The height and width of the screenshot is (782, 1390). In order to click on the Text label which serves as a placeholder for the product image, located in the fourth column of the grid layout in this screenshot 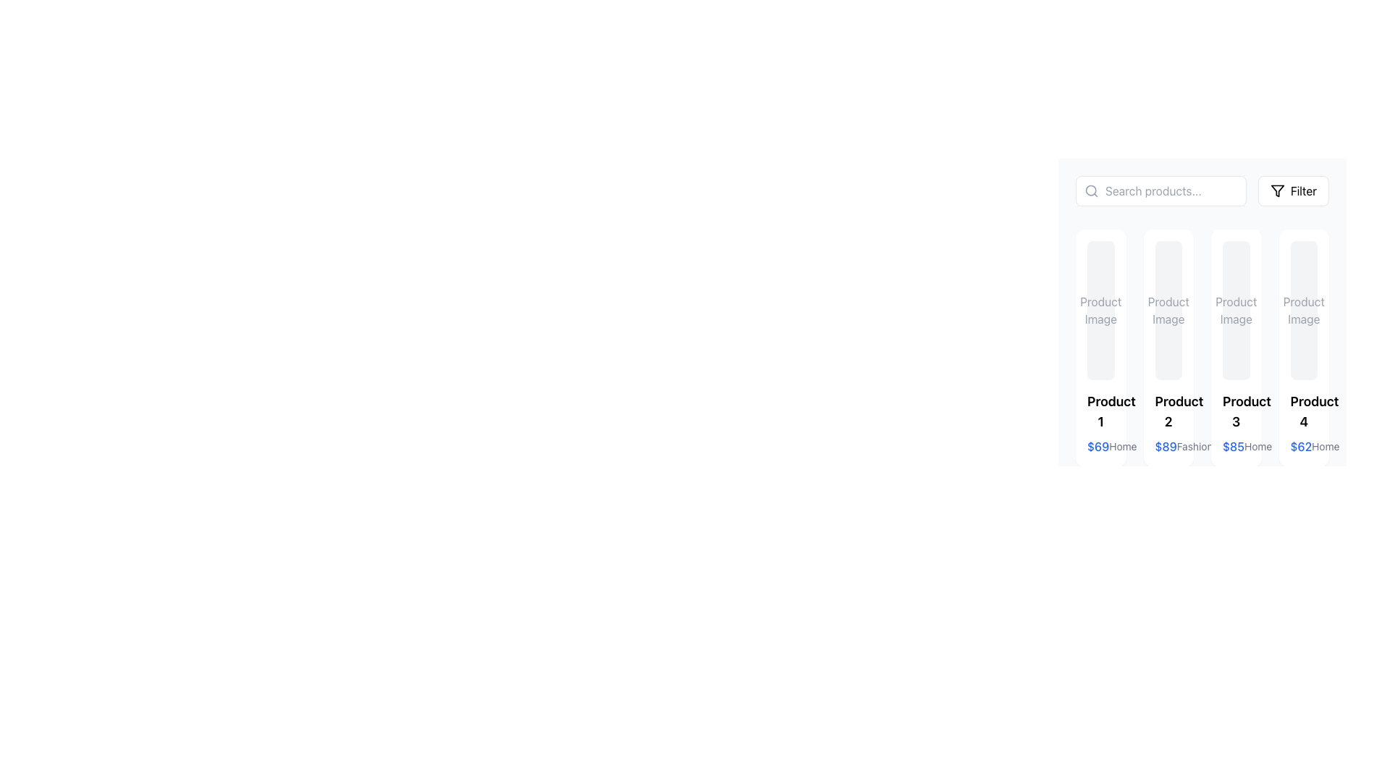, I will do `click(1304, 309)`.